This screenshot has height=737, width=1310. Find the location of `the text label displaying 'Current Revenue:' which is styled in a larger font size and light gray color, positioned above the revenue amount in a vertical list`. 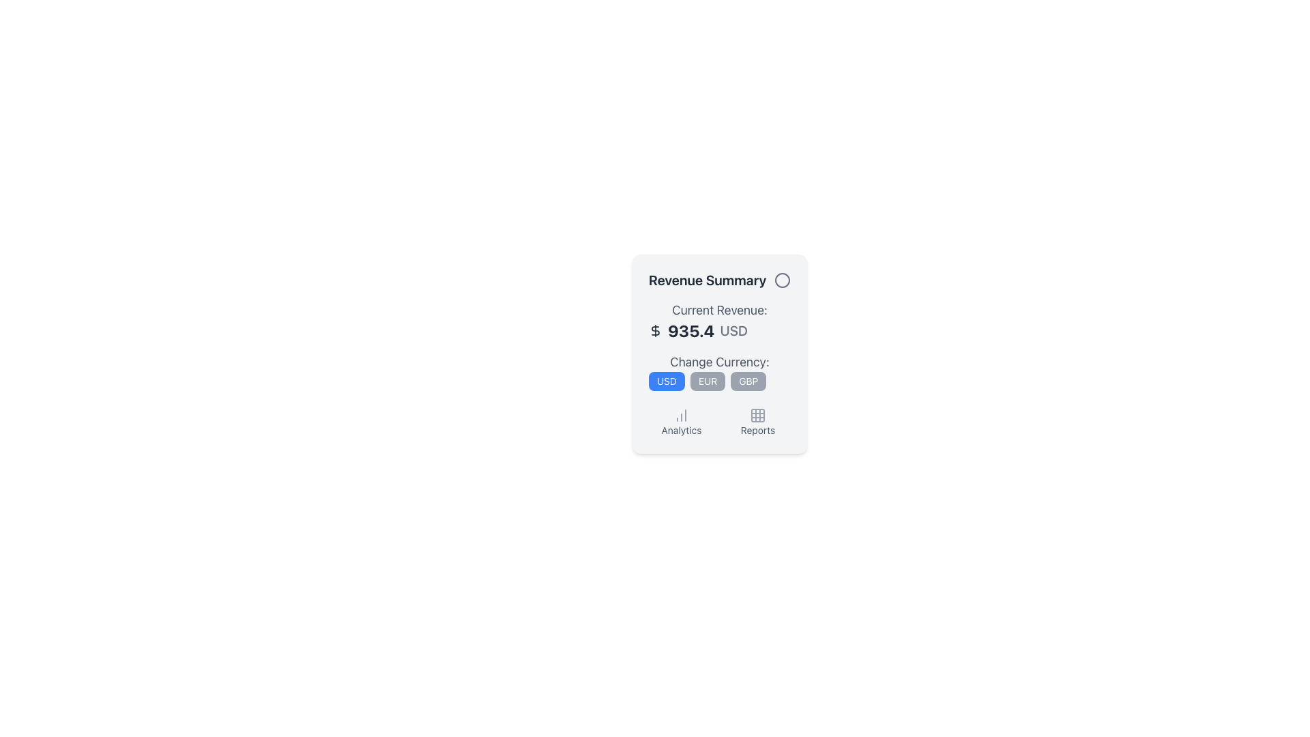

the text label displaying 'Current Revenue:' which is styled in a larger font size and light gray color, positioned above the revenue amount in a vertical list is located at coordinates (719, 310).